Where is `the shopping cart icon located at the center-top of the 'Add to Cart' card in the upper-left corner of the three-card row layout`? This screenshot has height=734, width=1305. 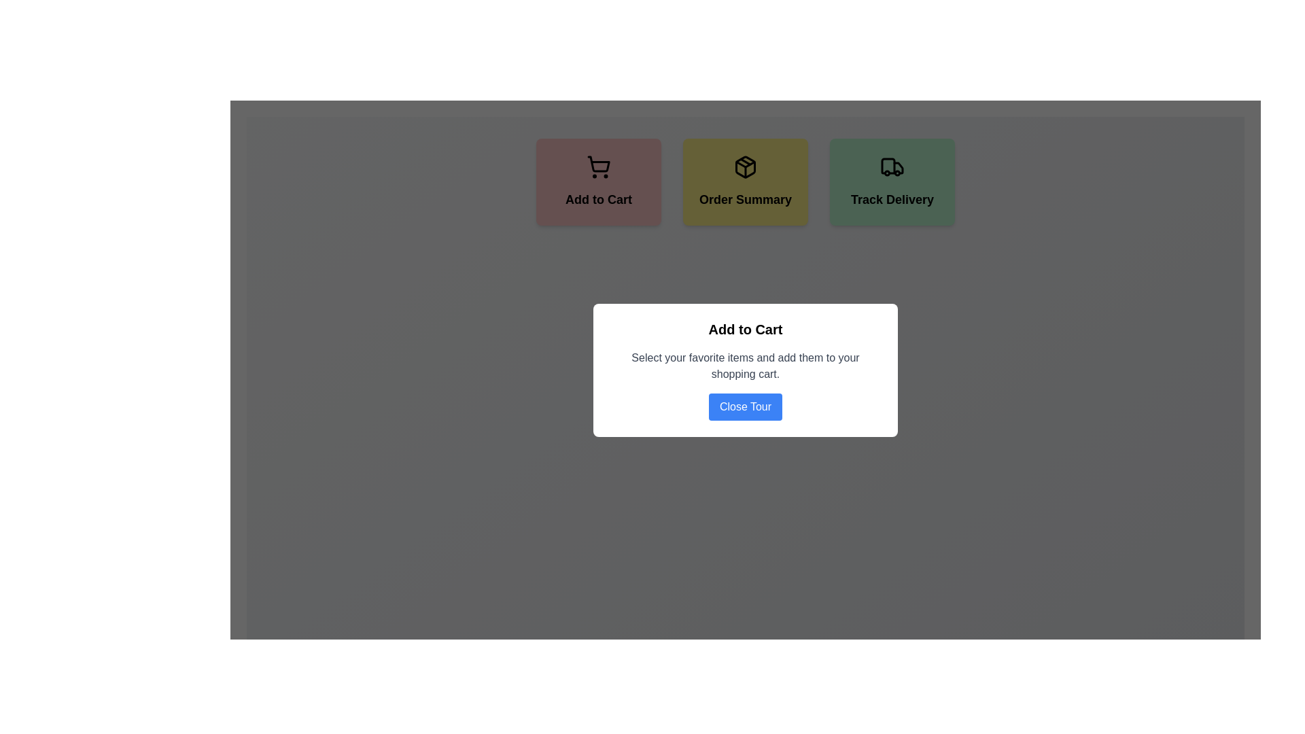 the shopping cart icon located at the center-top of the 'Add to Cart' card in the upper-left corner of the three-card row layout is located at coordinates (598, 167).